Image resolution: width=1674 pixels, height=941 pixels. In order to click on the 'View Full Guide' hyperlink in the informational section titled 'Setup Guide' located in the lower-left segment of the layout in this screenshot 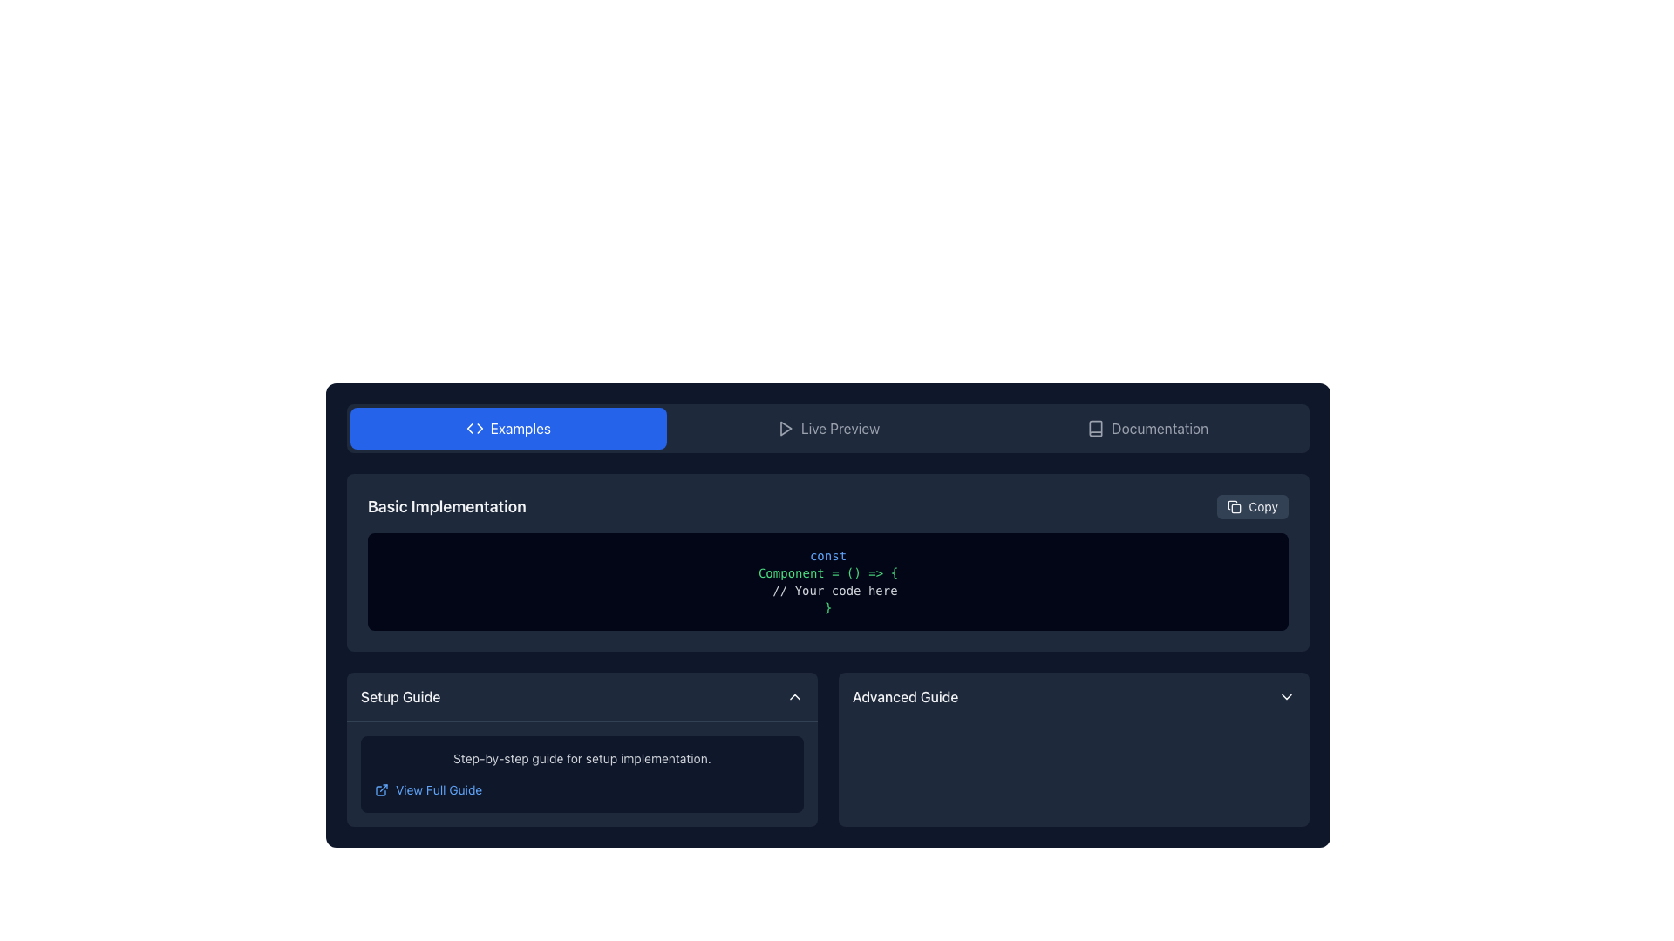, I will do `click(582, 748)`.